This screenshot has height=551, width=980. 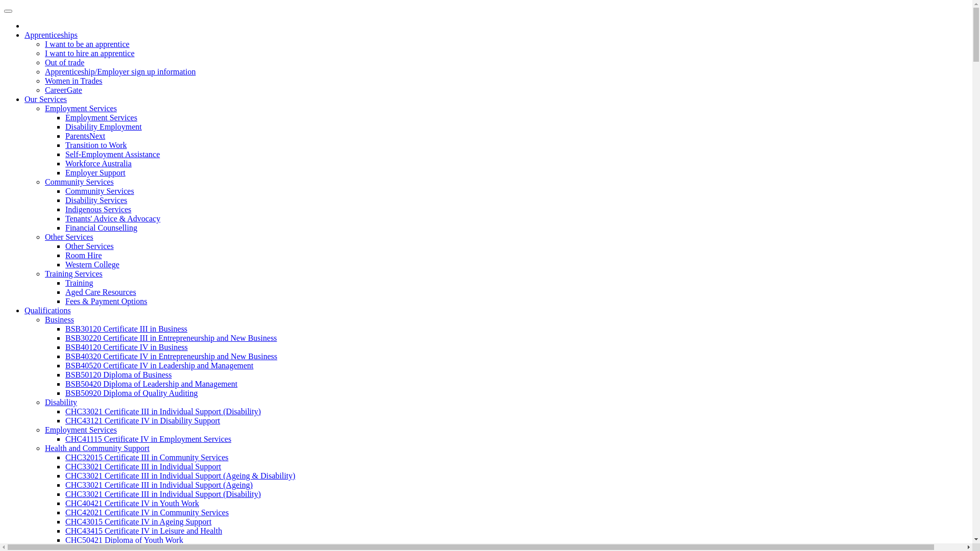 What do you see at coordinates (131, 392) in the screenshot?
I see `'BSB50920 Diploma of Quality Auditing'` at bounding box center [131, 392].